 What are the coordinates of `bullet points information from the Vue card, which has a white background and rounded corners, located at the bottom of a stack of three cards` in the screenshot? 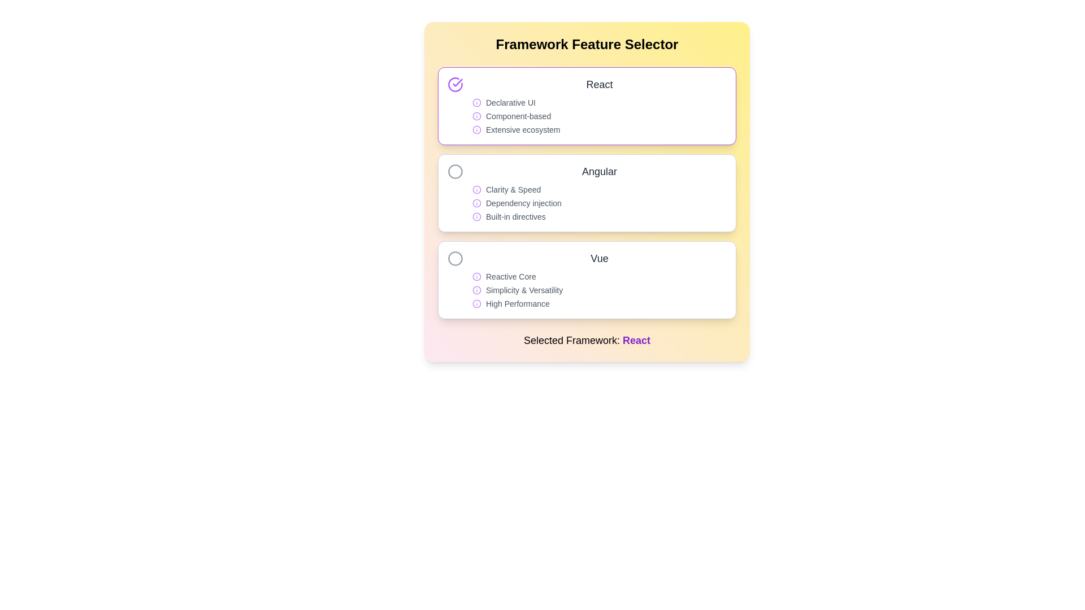 It's located at (587, 280).